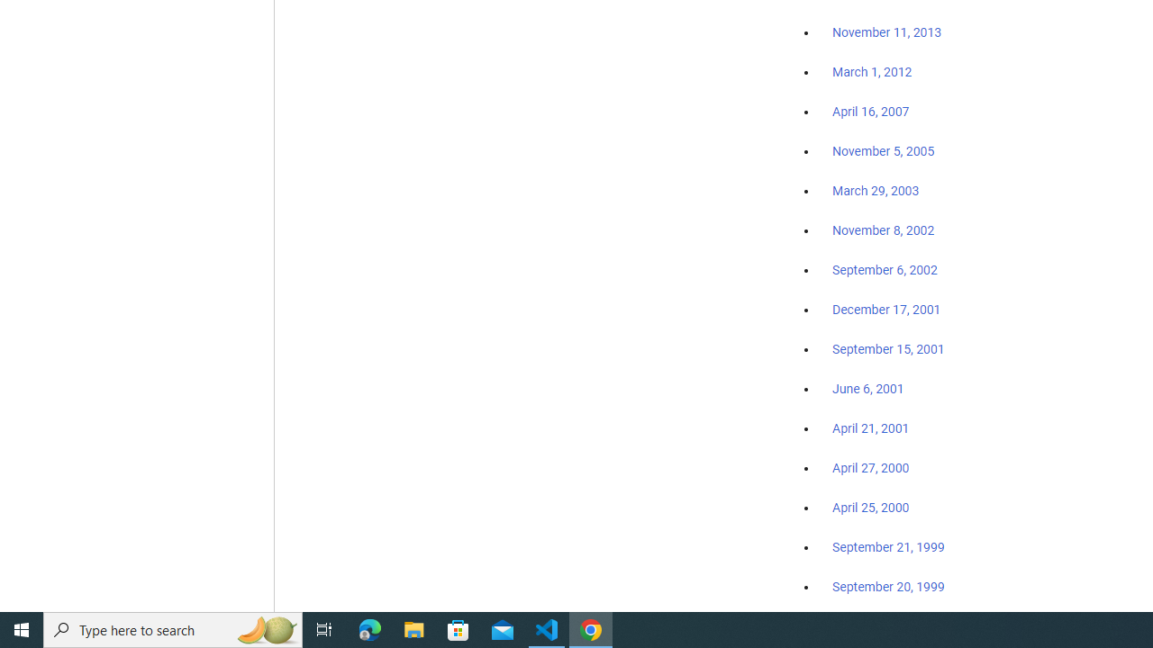  Describe the element at coordinates (867, 388) in the screenshot. I see `'June 6, 2001'` at that location.